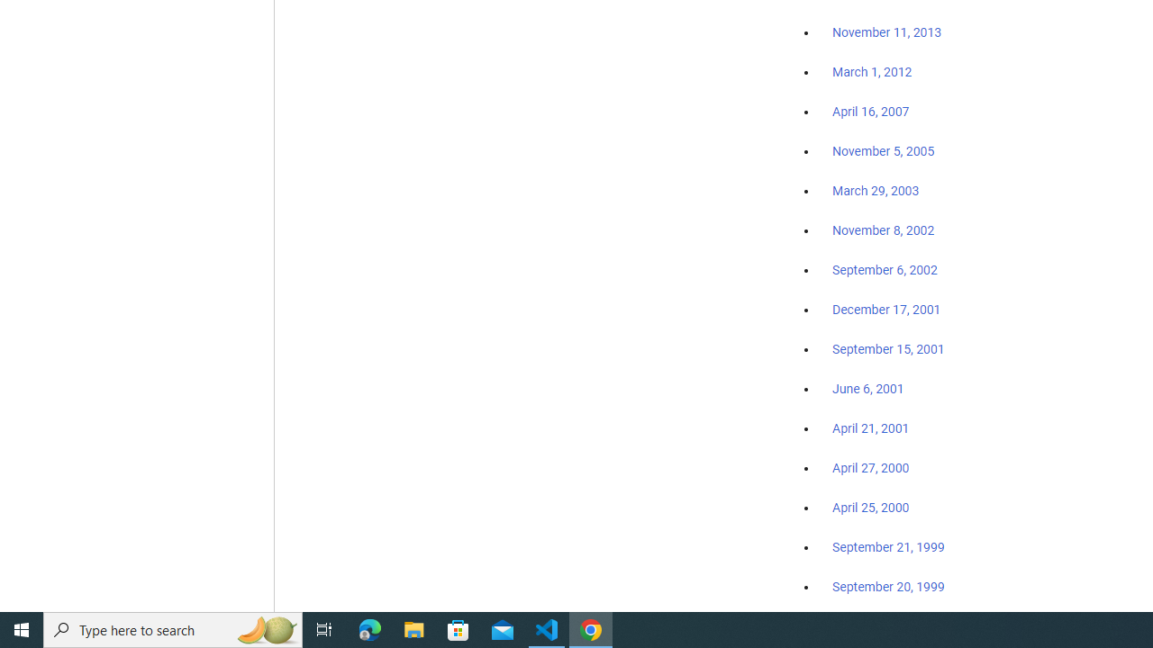  Describe the element at coordinates (867, 388) in the screenshot. I see `'June 6, 2001'` at that location.